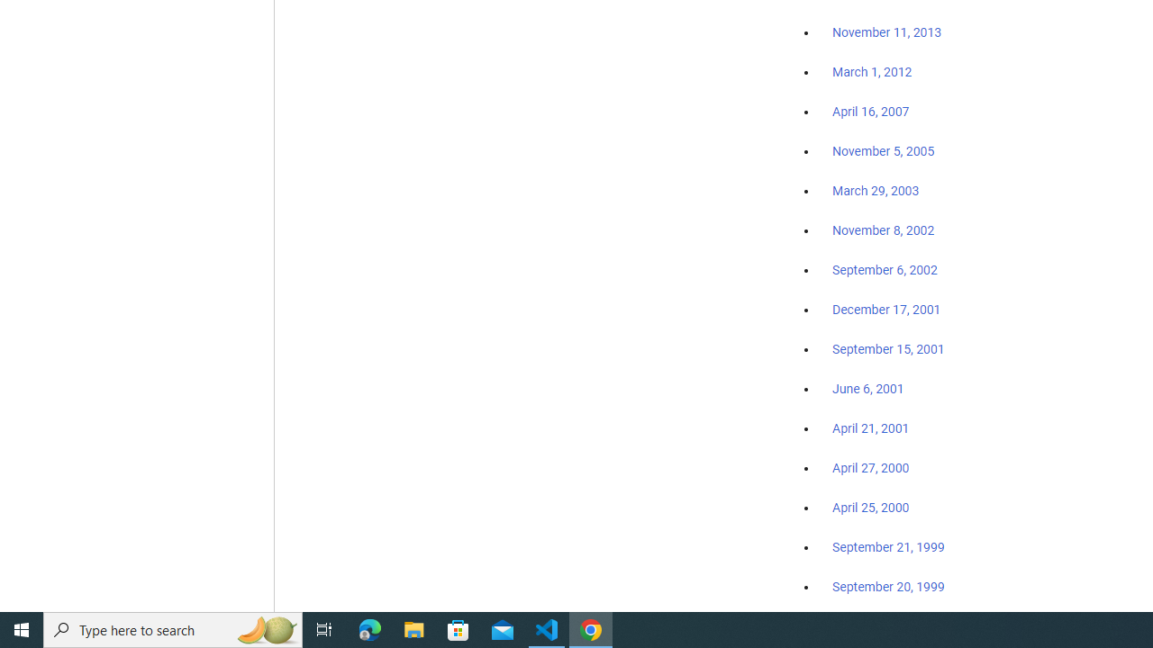  Describe the element at coordinates (867, 388) in the screenshot. I see `'June 6, 2001'` at that location.